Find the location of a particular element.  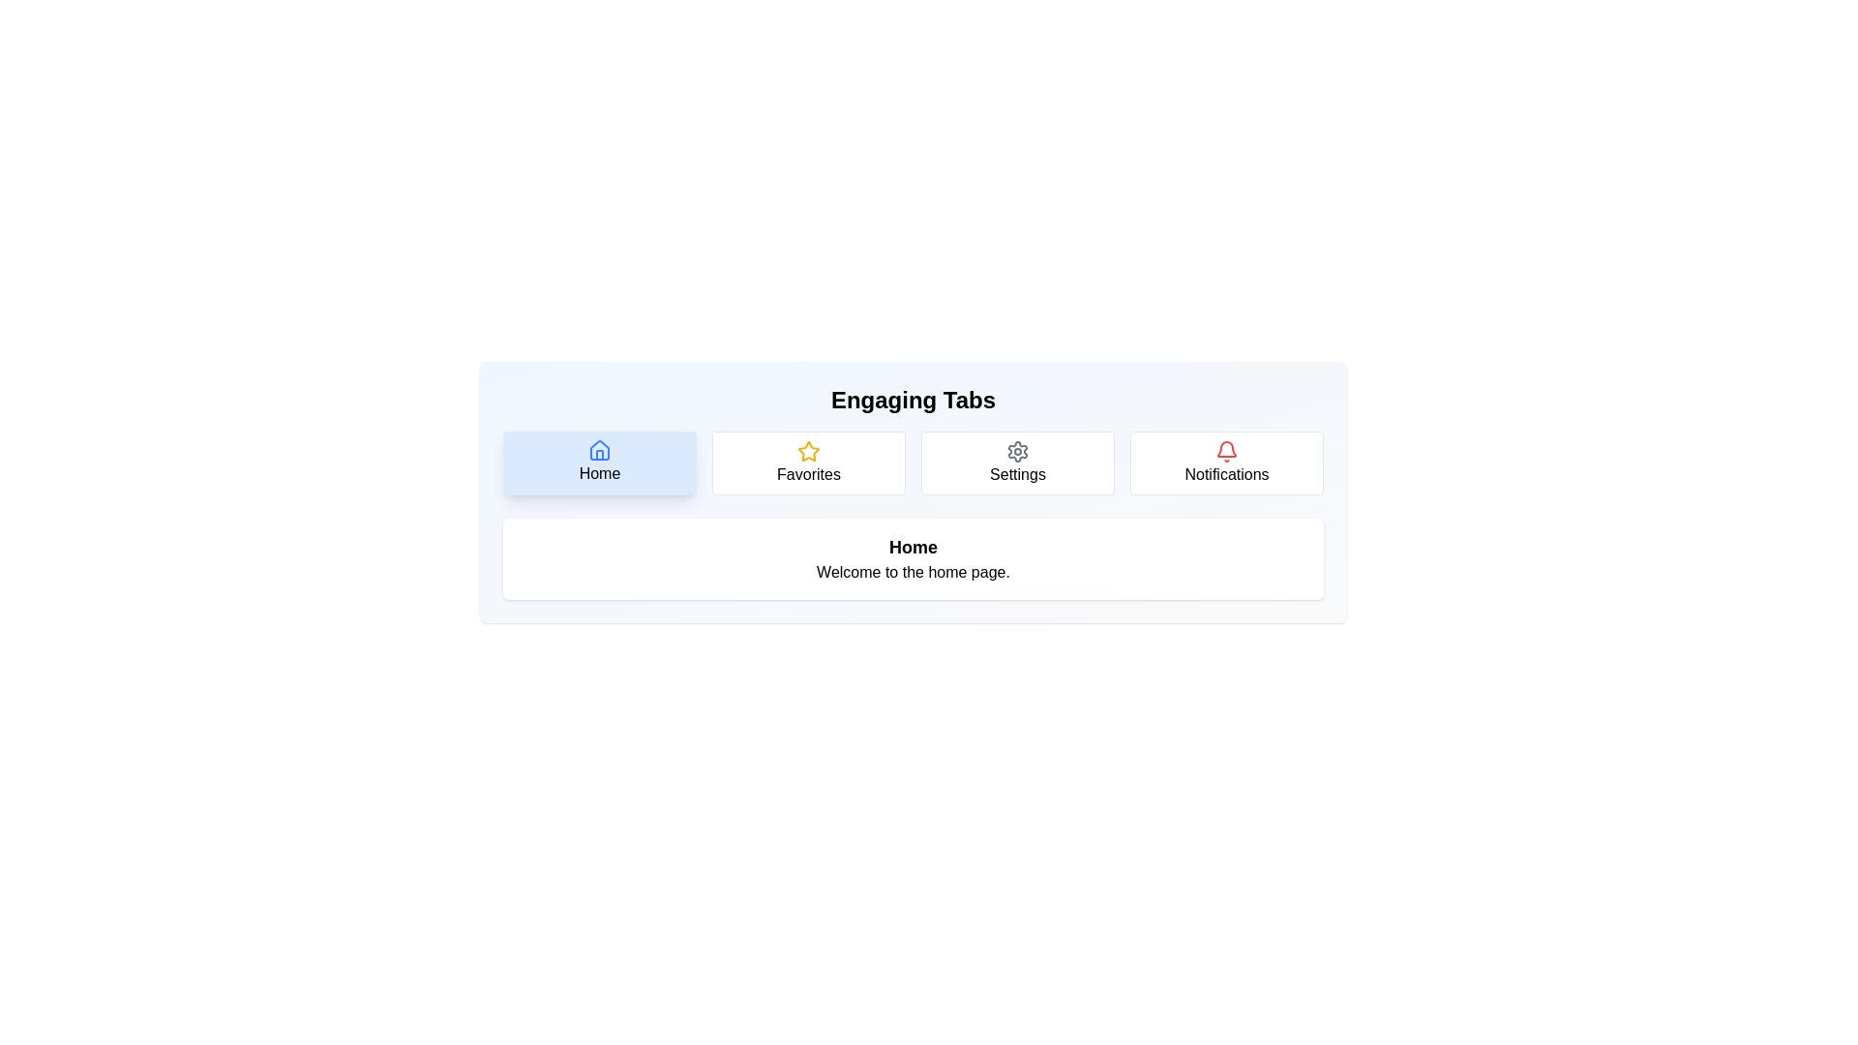

the Favorites tab by clicking its button is located at coordinates (808, 463).